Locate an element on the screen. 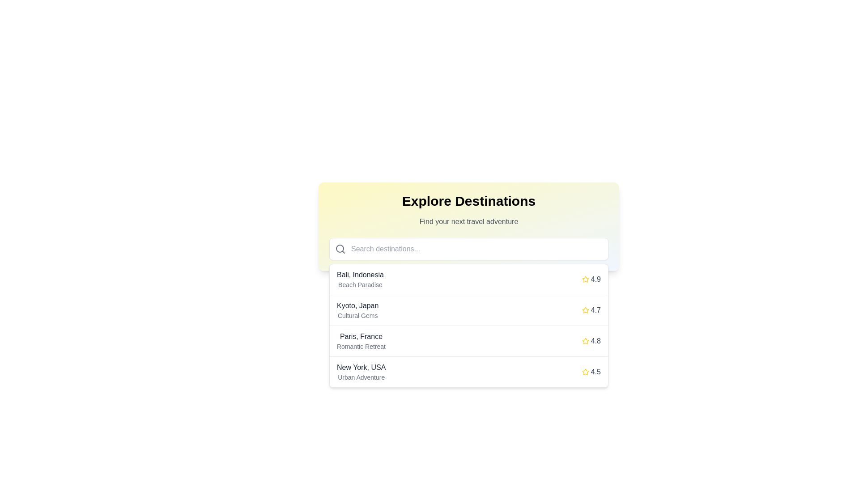  the text label that serves as the third item in a vertically stacked list of destinations, positioned between 'Kyoto, Japan / Cultural Gems' and 'New York, USA / Urban Adventure' is located at coordinates (361, 341).